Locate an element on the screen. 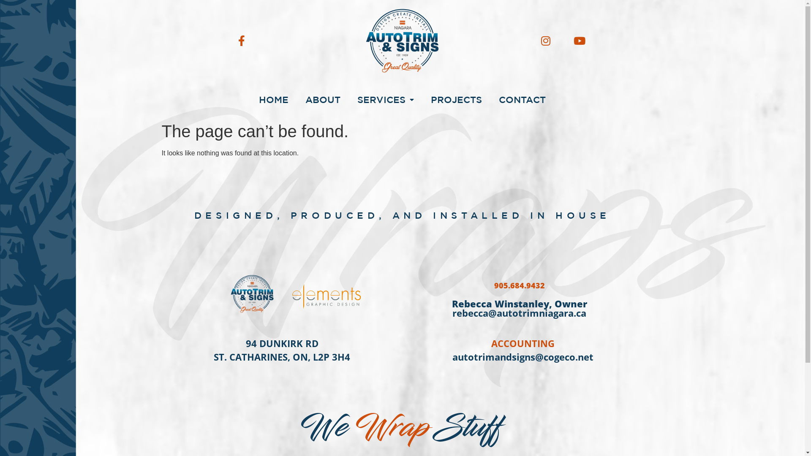 This screenshot has height=456, width=811. 'ST. CATHARINES, ON, L2P 3H4' is located at coordinates (282, 356).